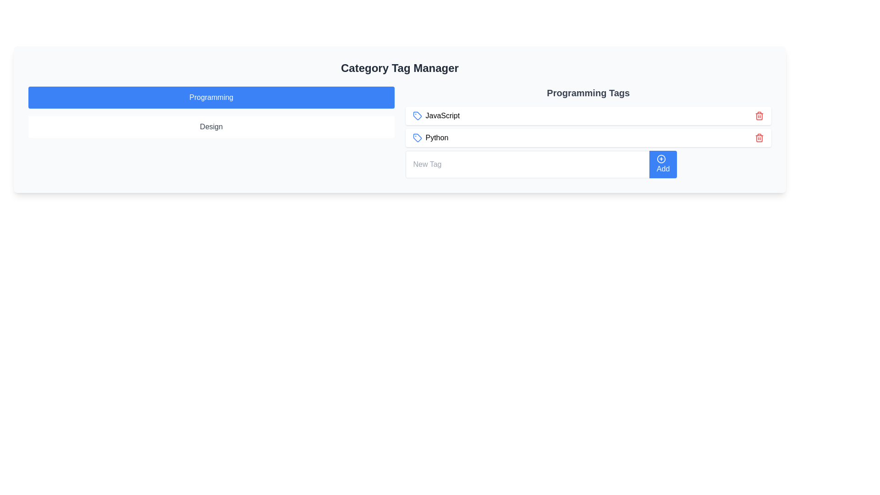  What do you see at coordinates (588, 93) in the screenshot?
I see `the bold, large-sized static text displaying 'Programming Tags' styled in dark gray, located at the top of the programming tags section` at bounding box center [588, 93].